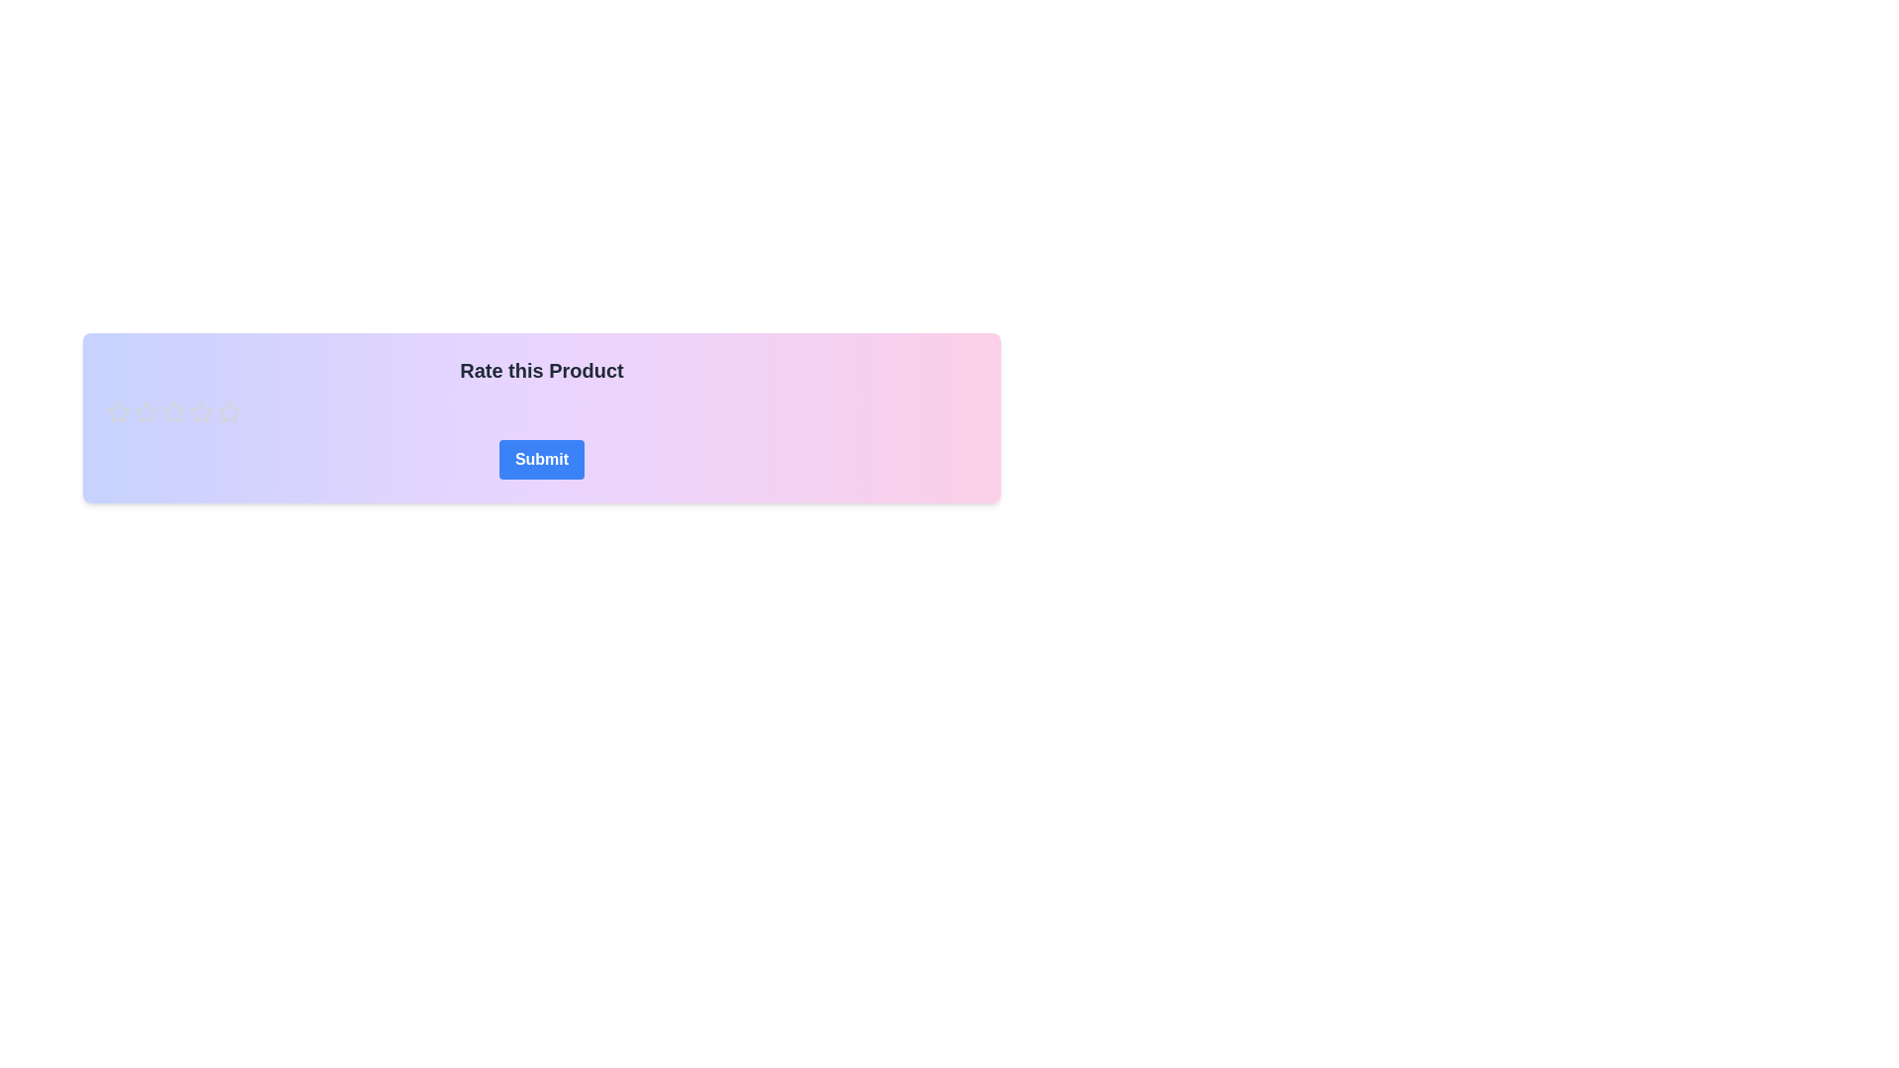 Image resolution: width=1899 pixels, height=1068 pixels. What do you see at coordinates (541, 460) in the screenshot?
I see `the blue 'Submit' button with white bold text to observe hover state changes` at bounding box center [541, 460].